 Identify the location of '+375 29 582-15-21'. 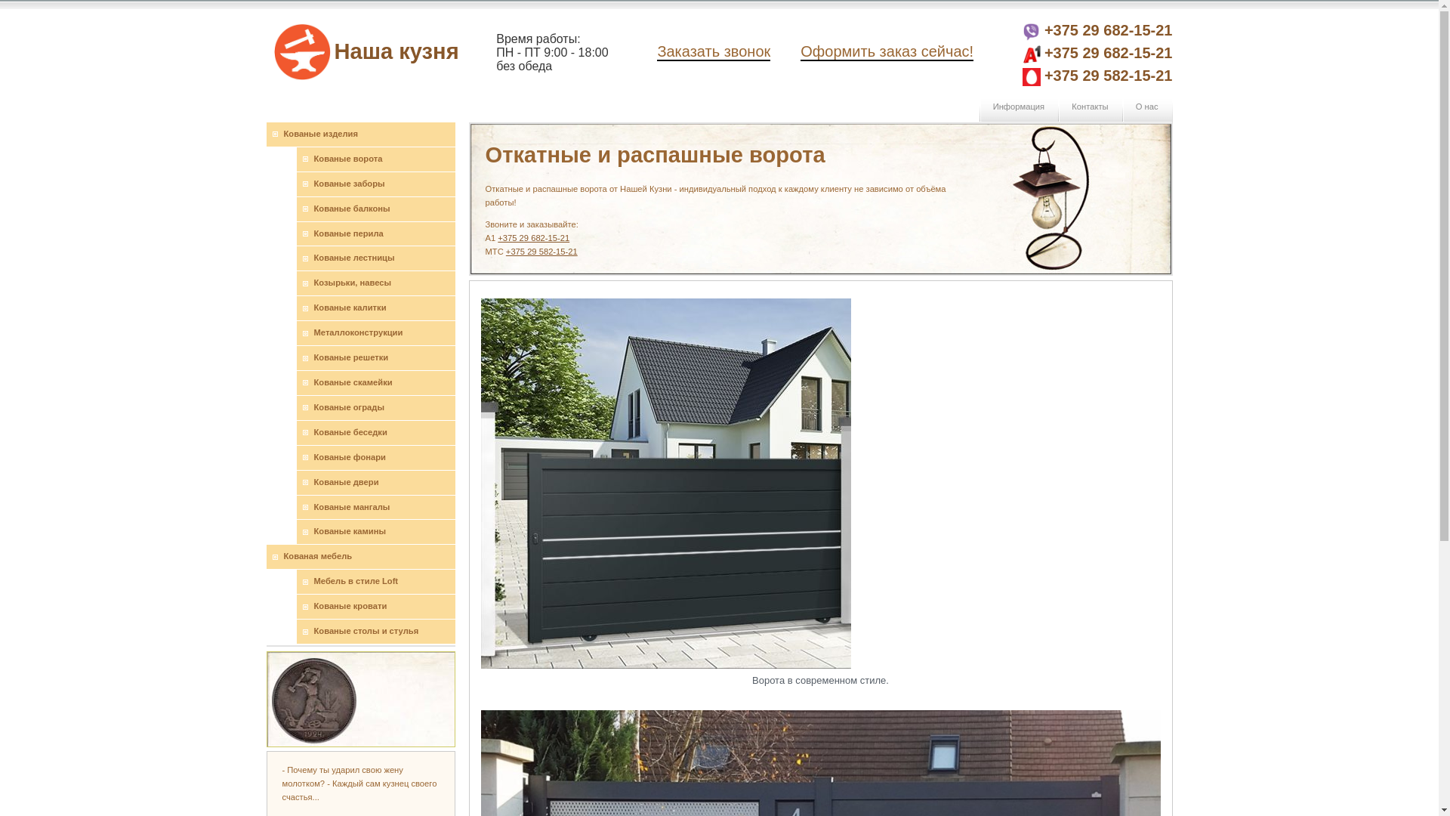
(1043, 76).